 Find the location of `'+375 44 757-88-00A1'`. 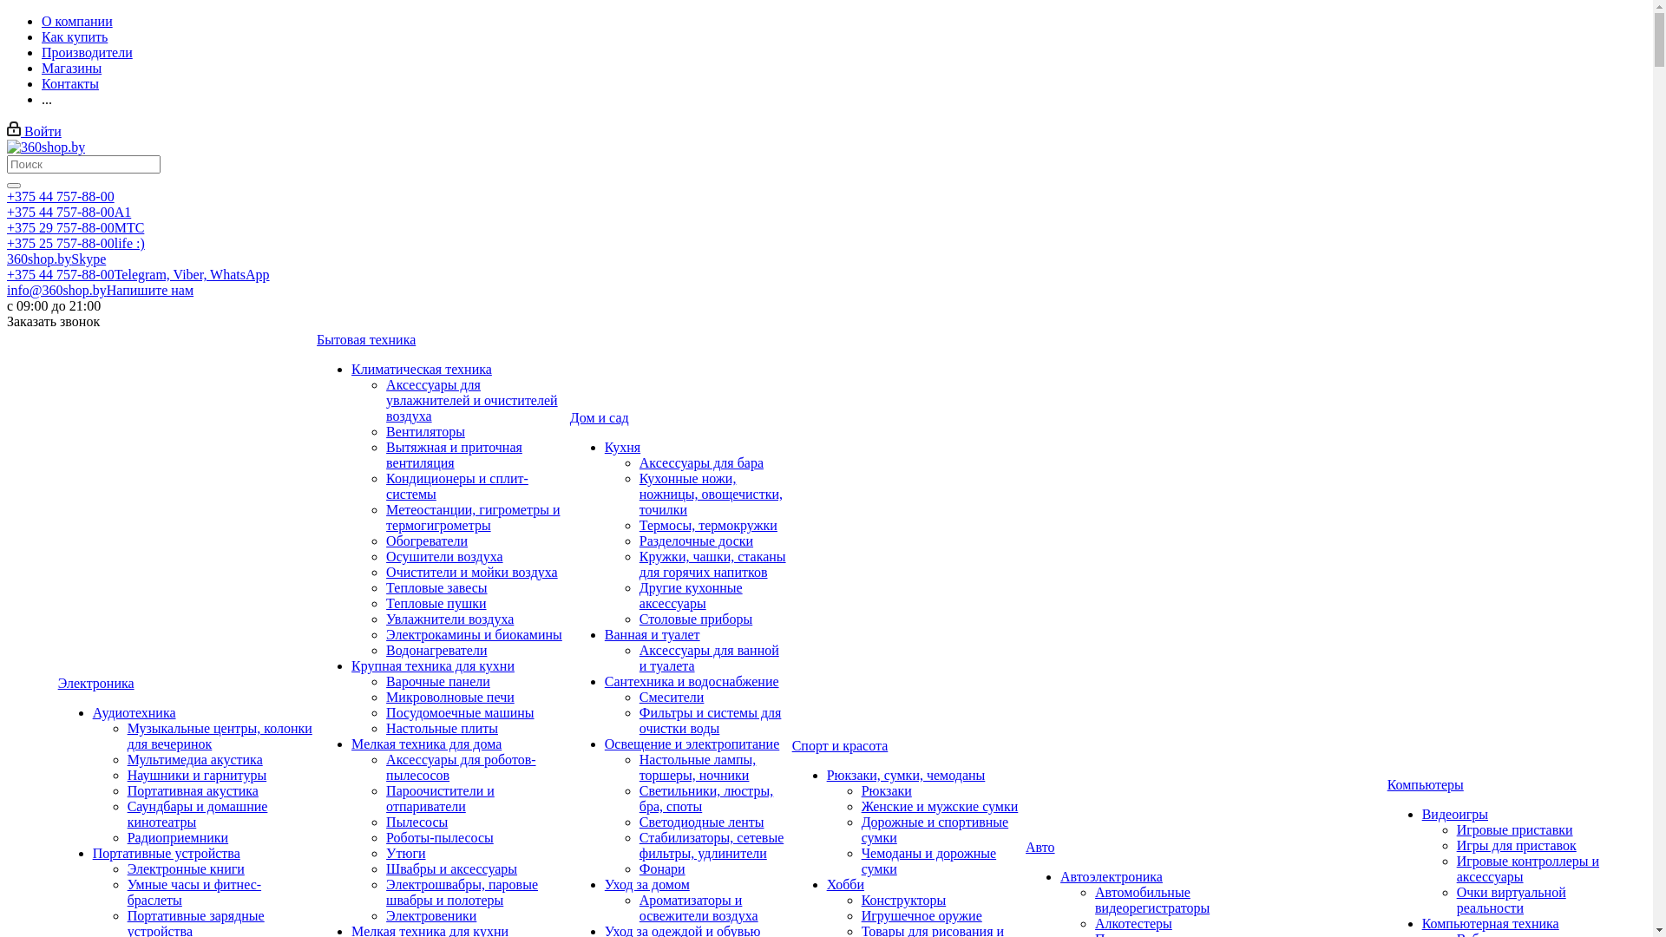

'+375 44 757-88-00A1' is located at coordinates (69, 211).